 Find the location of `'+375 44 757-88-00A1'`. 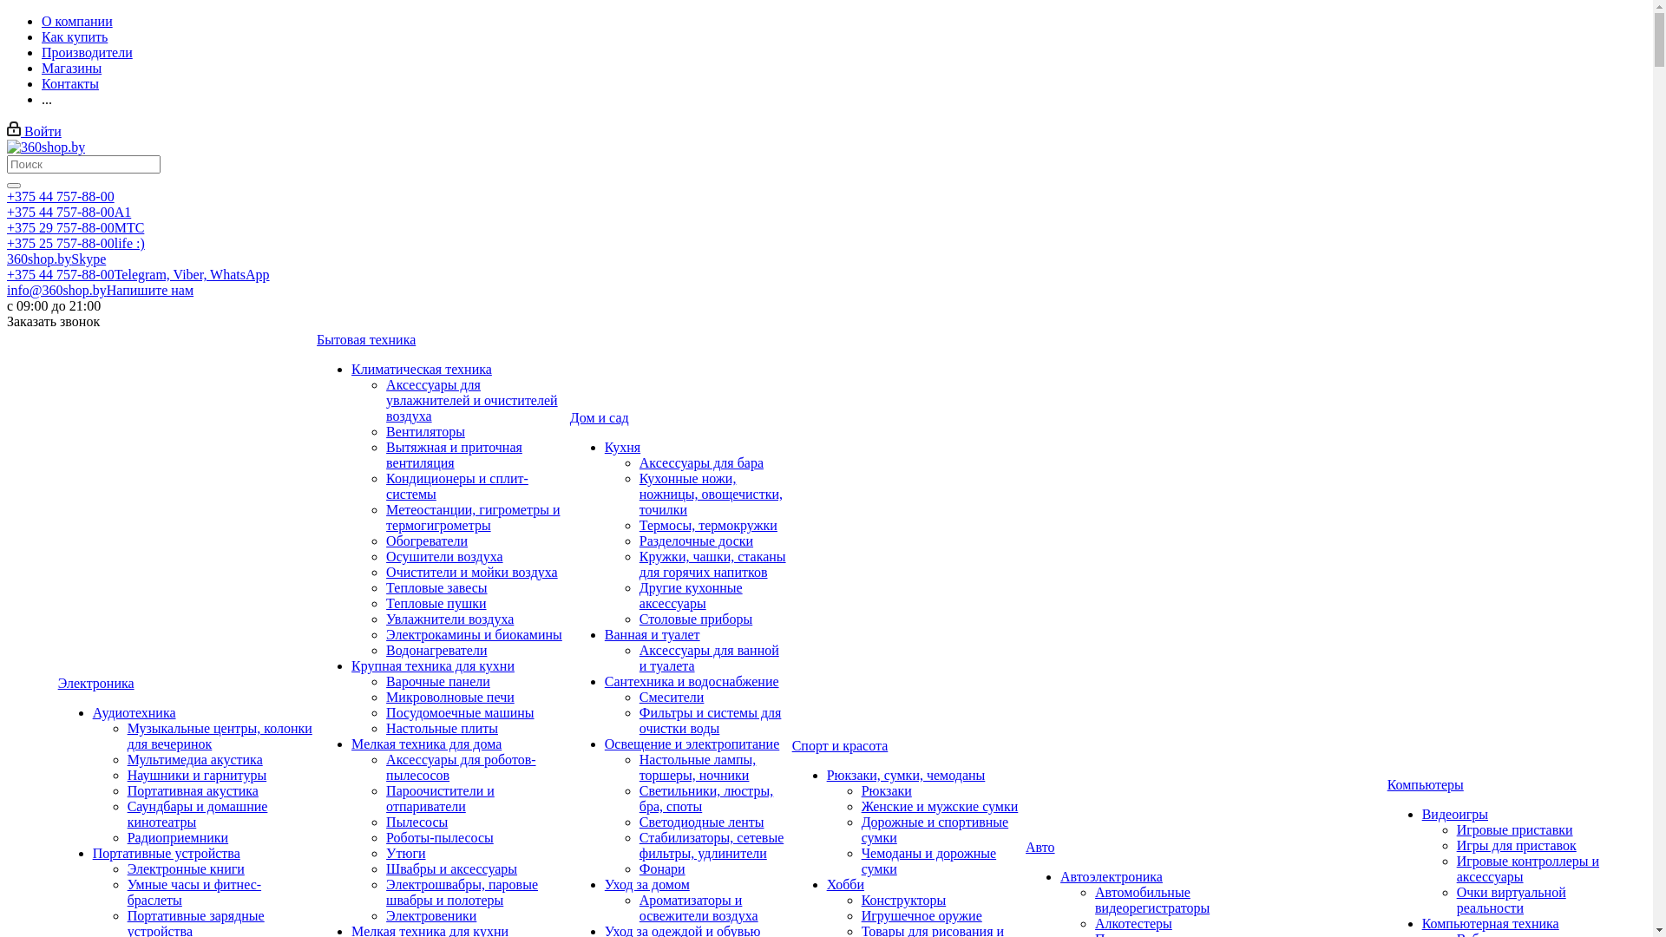

'+375 44 757-88-00A1' is located at coordinates (69, 211).